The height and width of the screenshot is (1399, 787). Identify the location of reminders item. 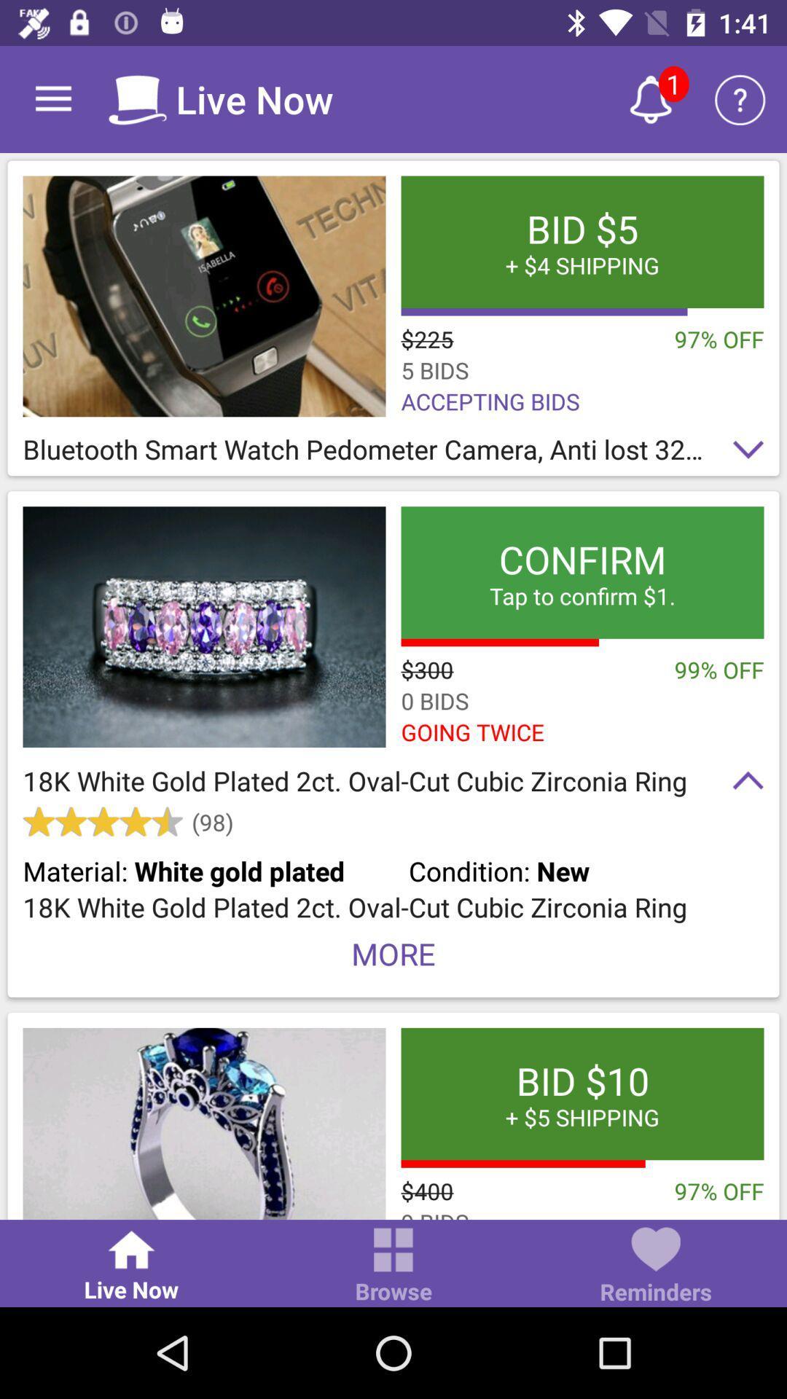
(654, 1266).